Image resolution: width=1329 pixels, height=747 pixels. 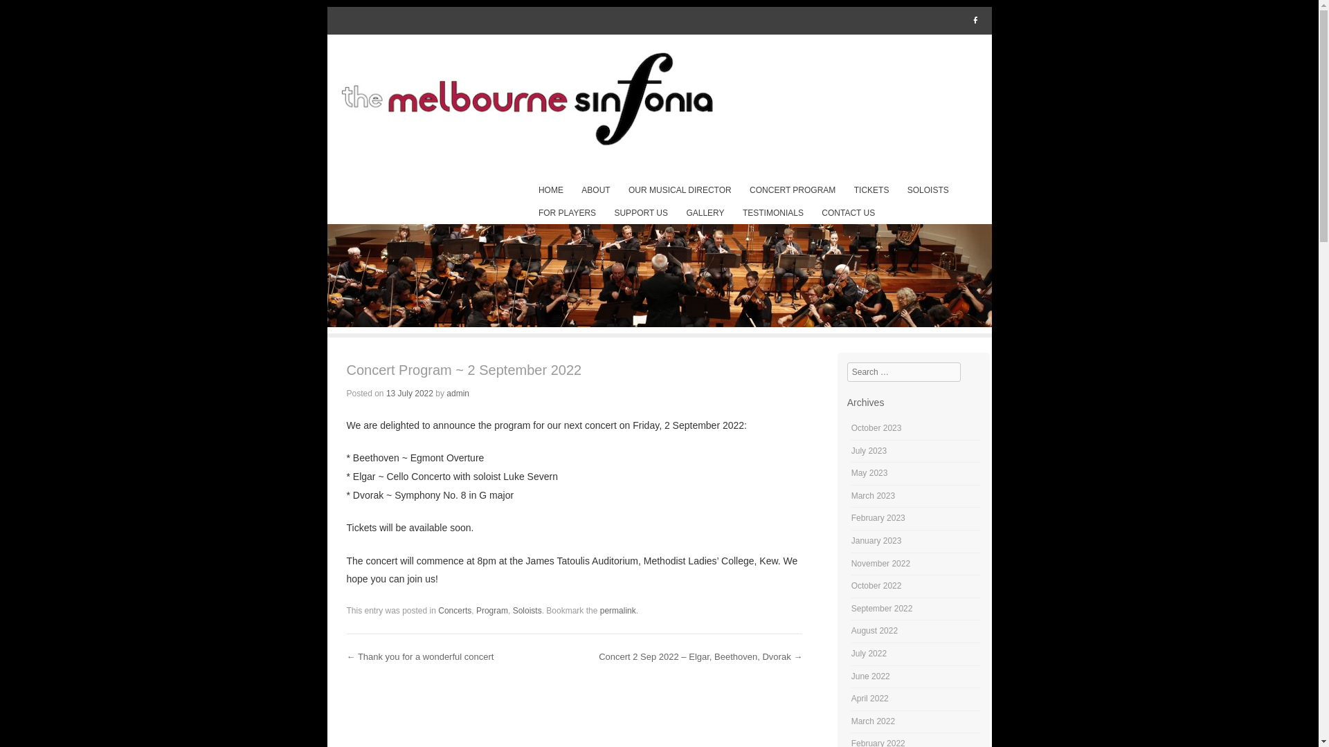 What do you see at coordinates (567, 213) in the screenshot?
I see `'FOR PLAYERS'` at bounding box center [567, 213].